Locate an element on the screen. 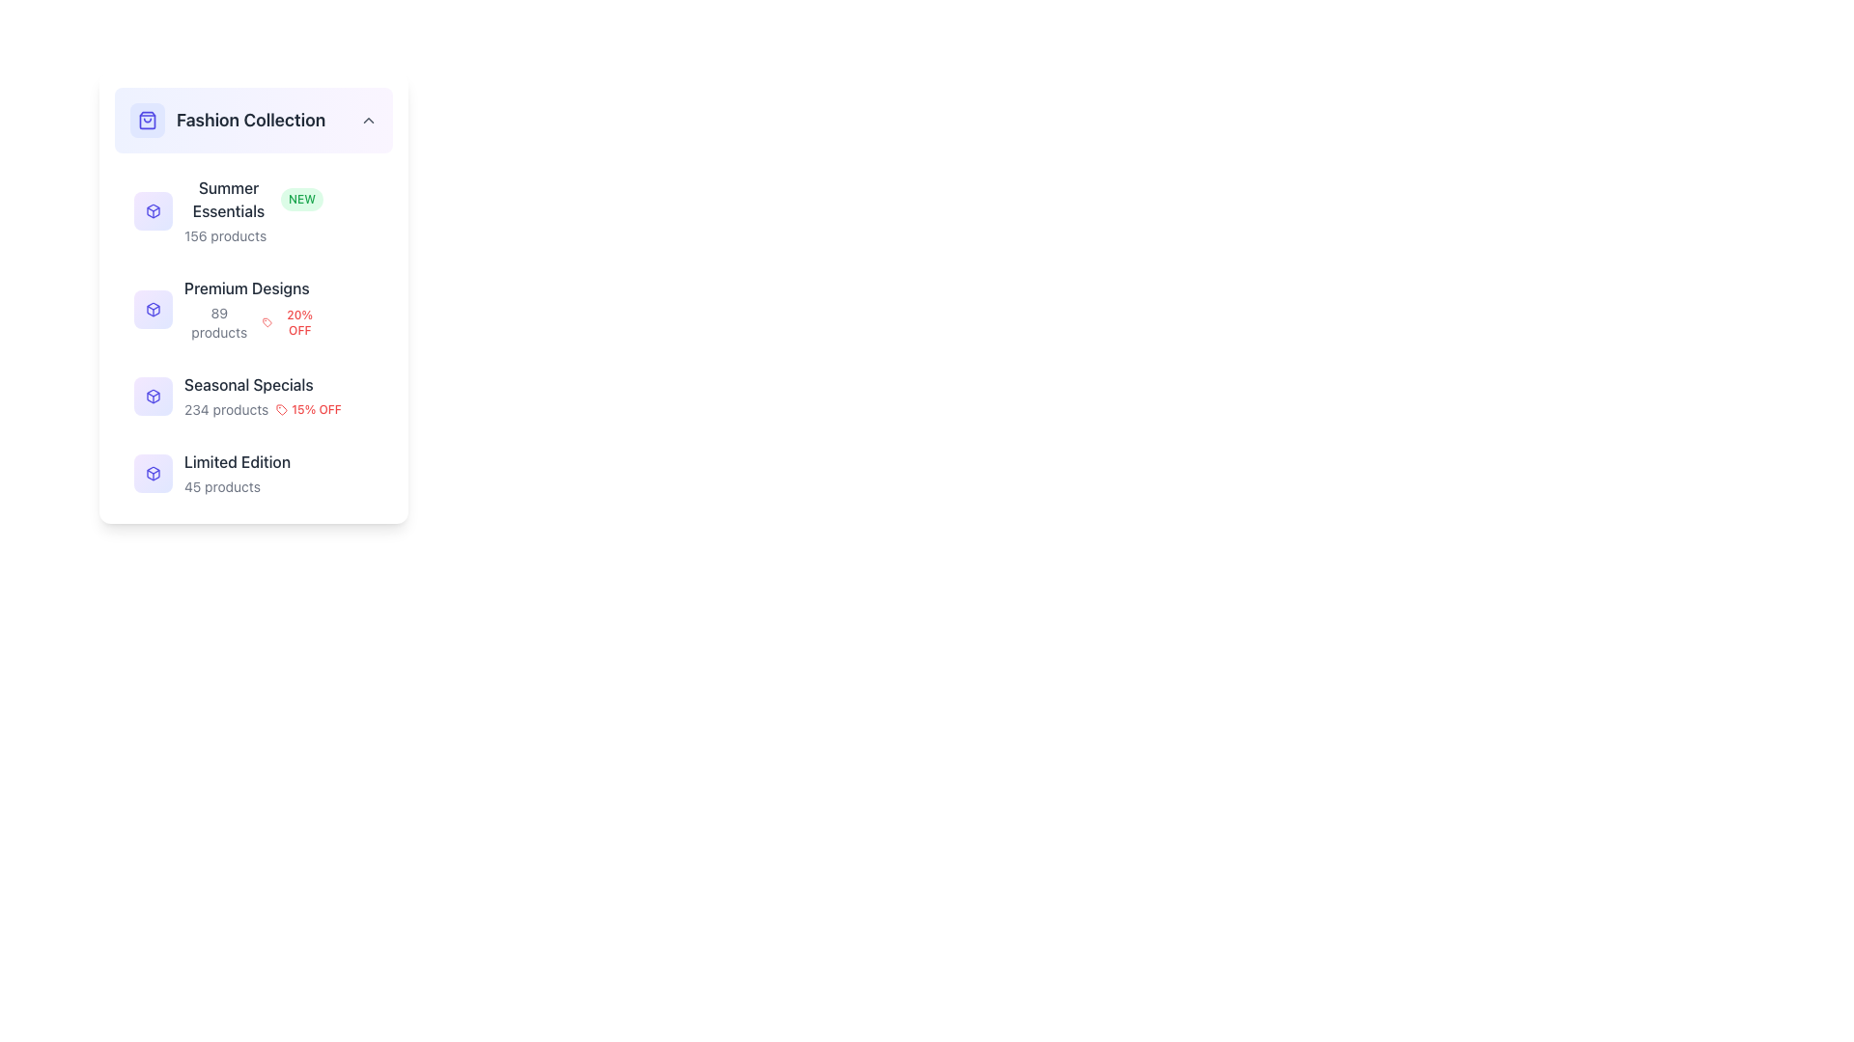 The width and height of the screenshot is (1854, 1042). the text label indicating the number of products available in the 'Summer Essentials' category, located under the 'Fashion Collection' menu is located at coordinates (225, 235).